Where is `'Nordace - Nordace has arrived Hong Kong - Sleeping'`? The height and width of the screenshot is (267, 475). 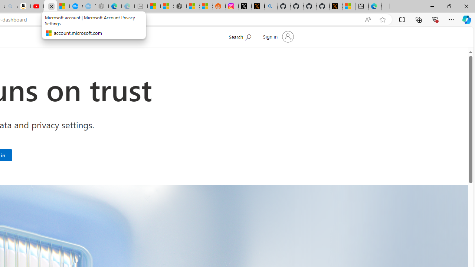
'Nordace - Nordace has arrived Hong Kong - Sleeping' is located at coordinates (102, 6).